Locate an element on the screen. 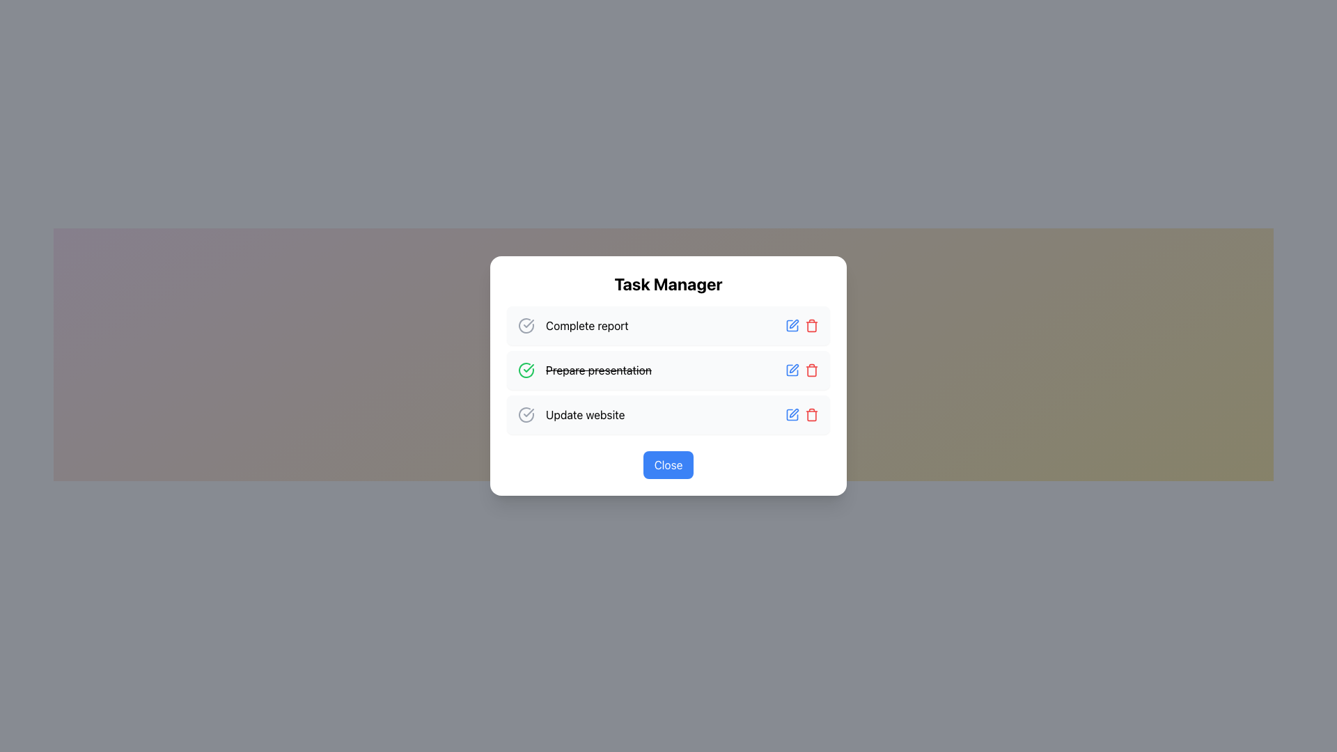  the trash can icon's main body element, which is a vertical rectangle styled with a thin border and no fill, located to the right of 'Prepare presentation' in the task list is located at coordinates (812, 370).